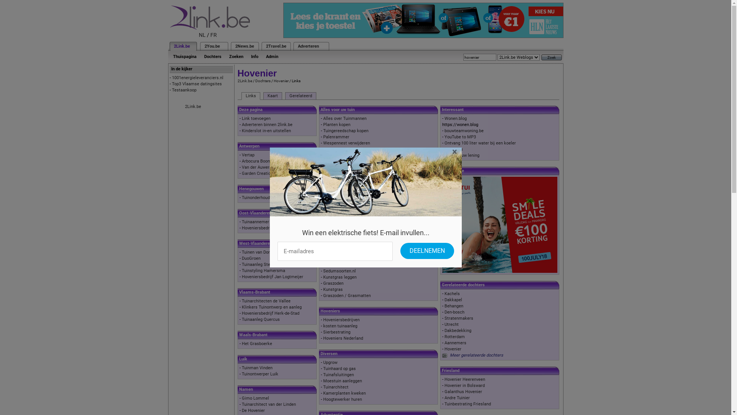  I want to click on 'Thuispagina', so click(169, 56).